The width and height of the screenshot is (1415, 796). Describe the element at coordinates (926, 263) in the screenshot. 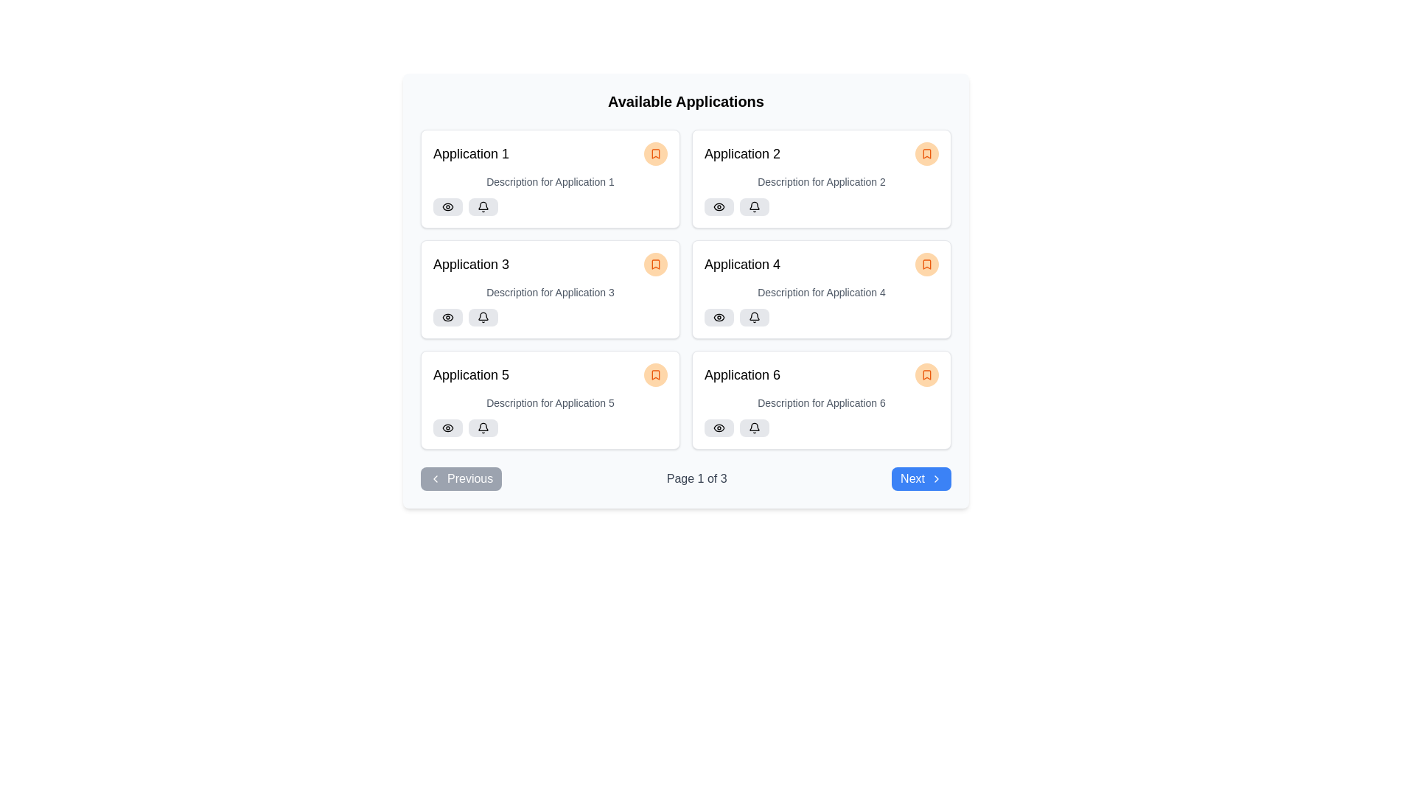

I see `the circular button with a soft orange background and a bookmark icon` at that location.